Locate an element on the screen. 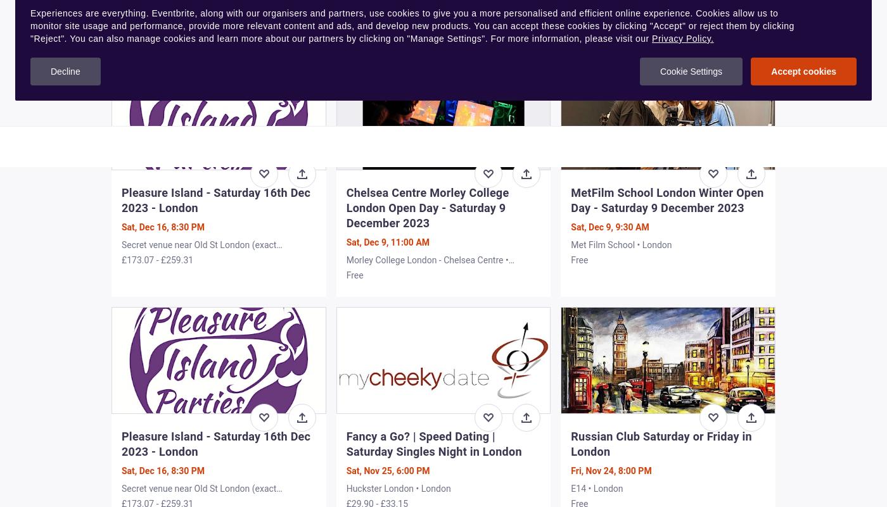 The height and width of the screenshot is (507, 887). '£16.96 - £20.21' is located at coordinates (601, 15).